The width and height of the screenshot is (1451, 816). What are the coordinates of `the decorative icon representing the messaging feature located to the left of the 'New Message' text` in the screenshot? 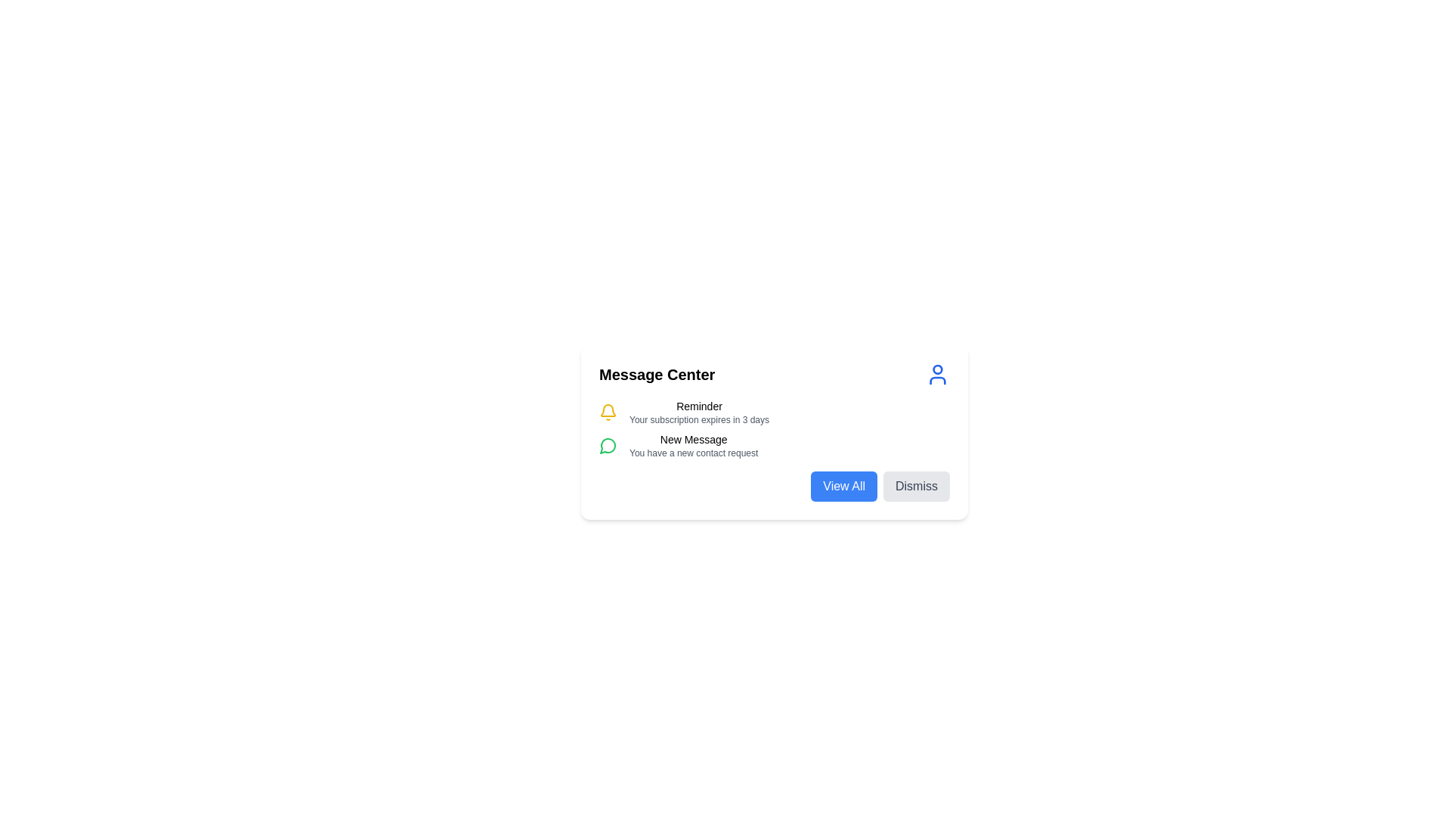 It's located at (608, 445).